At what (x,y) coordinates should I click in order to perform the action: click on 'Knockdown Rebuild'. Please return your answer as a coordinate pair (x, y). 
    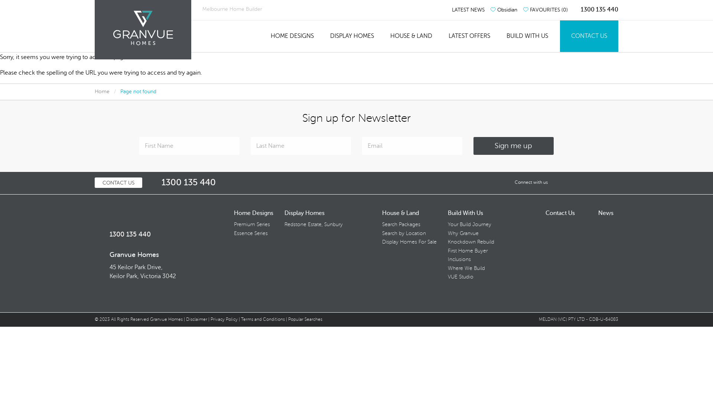
    Looking at the image, I should click on (471, 242).